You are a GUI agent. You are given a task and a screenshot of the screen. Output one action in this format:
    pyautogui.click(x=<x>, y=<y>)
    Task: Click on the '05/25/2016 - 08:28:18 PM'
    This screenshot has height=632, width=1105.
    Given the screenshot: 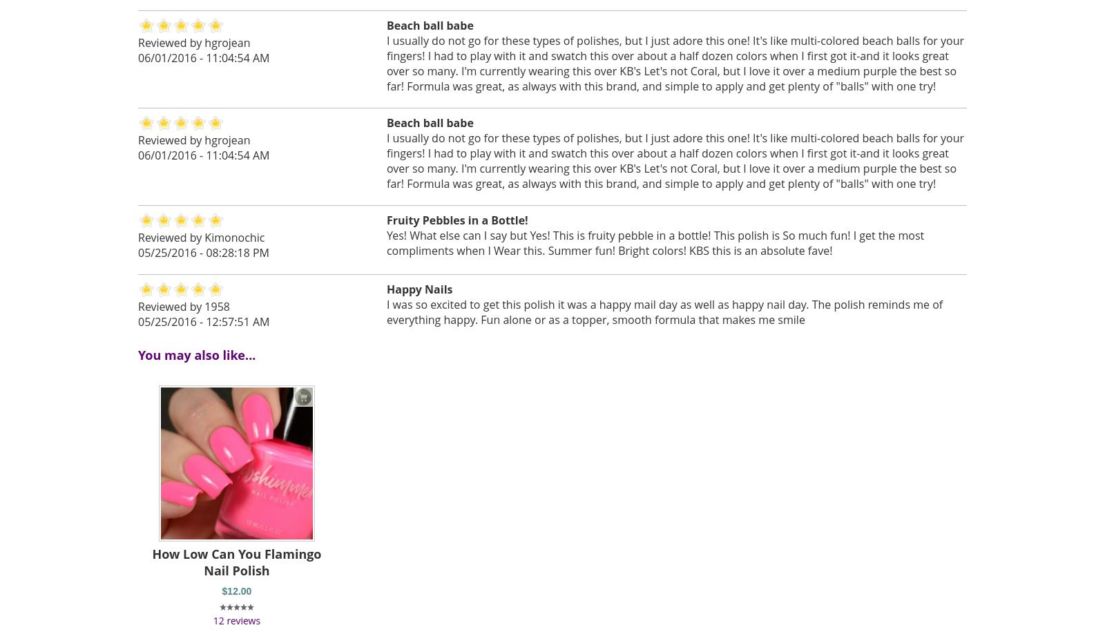 What is the action you would take?
    pyautogui.click(x=204, y=251)
    